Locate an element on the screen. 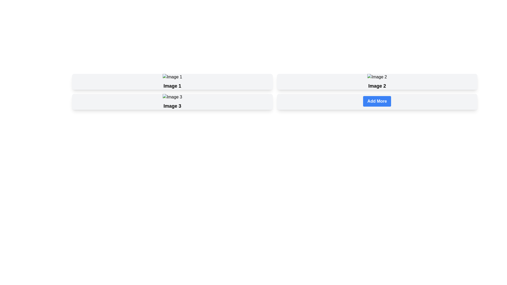 The image size is (507, 285). the second Content card or tile in the grid, which displays an image and a title, positioned next to 'Image 1' and above 'Add More' is located at coordinates (377, 82).